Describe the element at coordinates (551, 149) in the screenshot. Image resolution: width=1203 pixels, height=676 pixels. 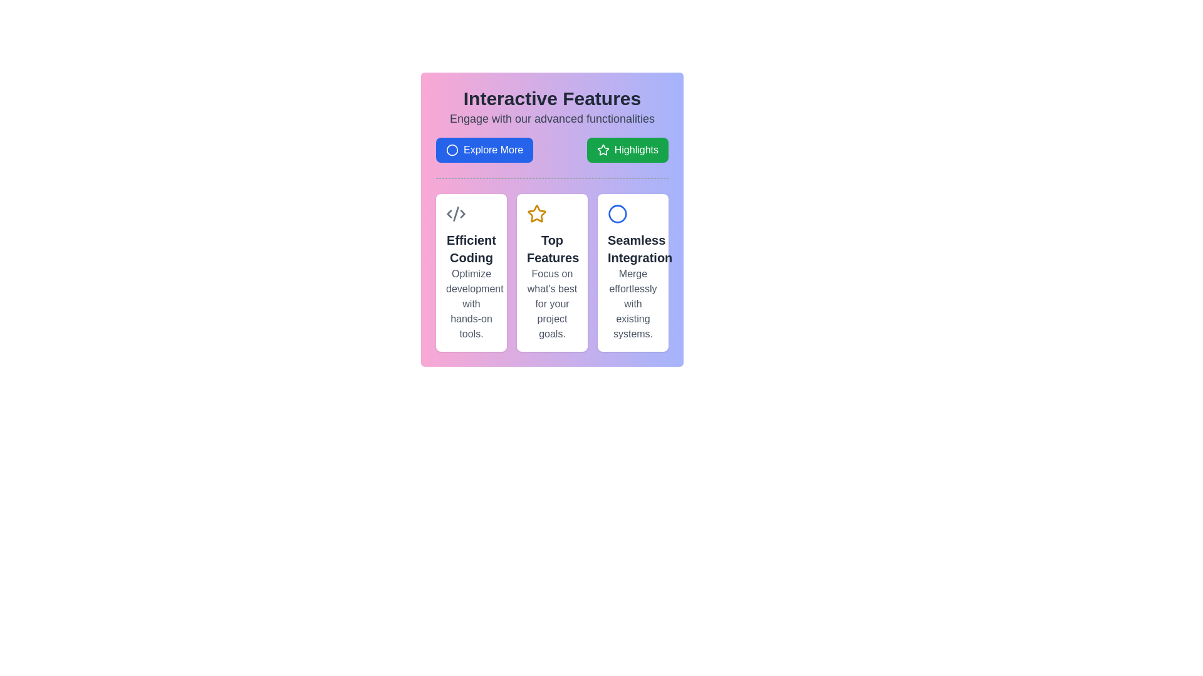
I see `the 'Highlights' button in the Horizontal Button Group, located beneath the title 'Engage with our advanced functionalities'` at that location.